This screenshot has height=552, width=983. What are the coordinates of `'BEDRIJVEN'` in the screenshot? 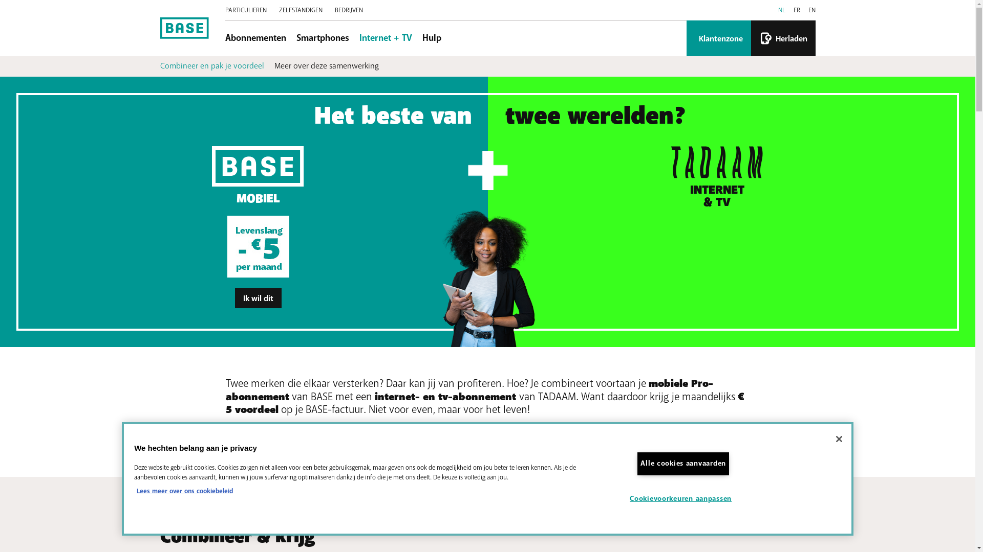 It's located at (349, 10).